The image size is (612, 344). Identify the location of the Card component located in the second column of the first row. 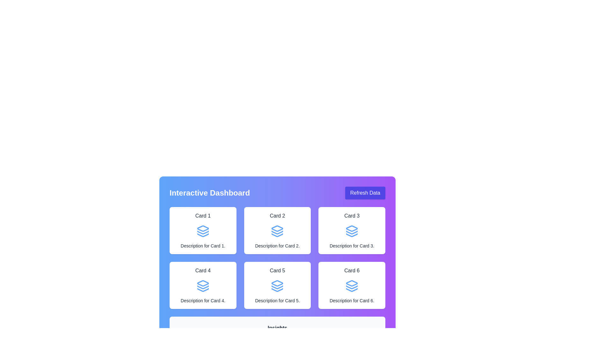
(277, 231).